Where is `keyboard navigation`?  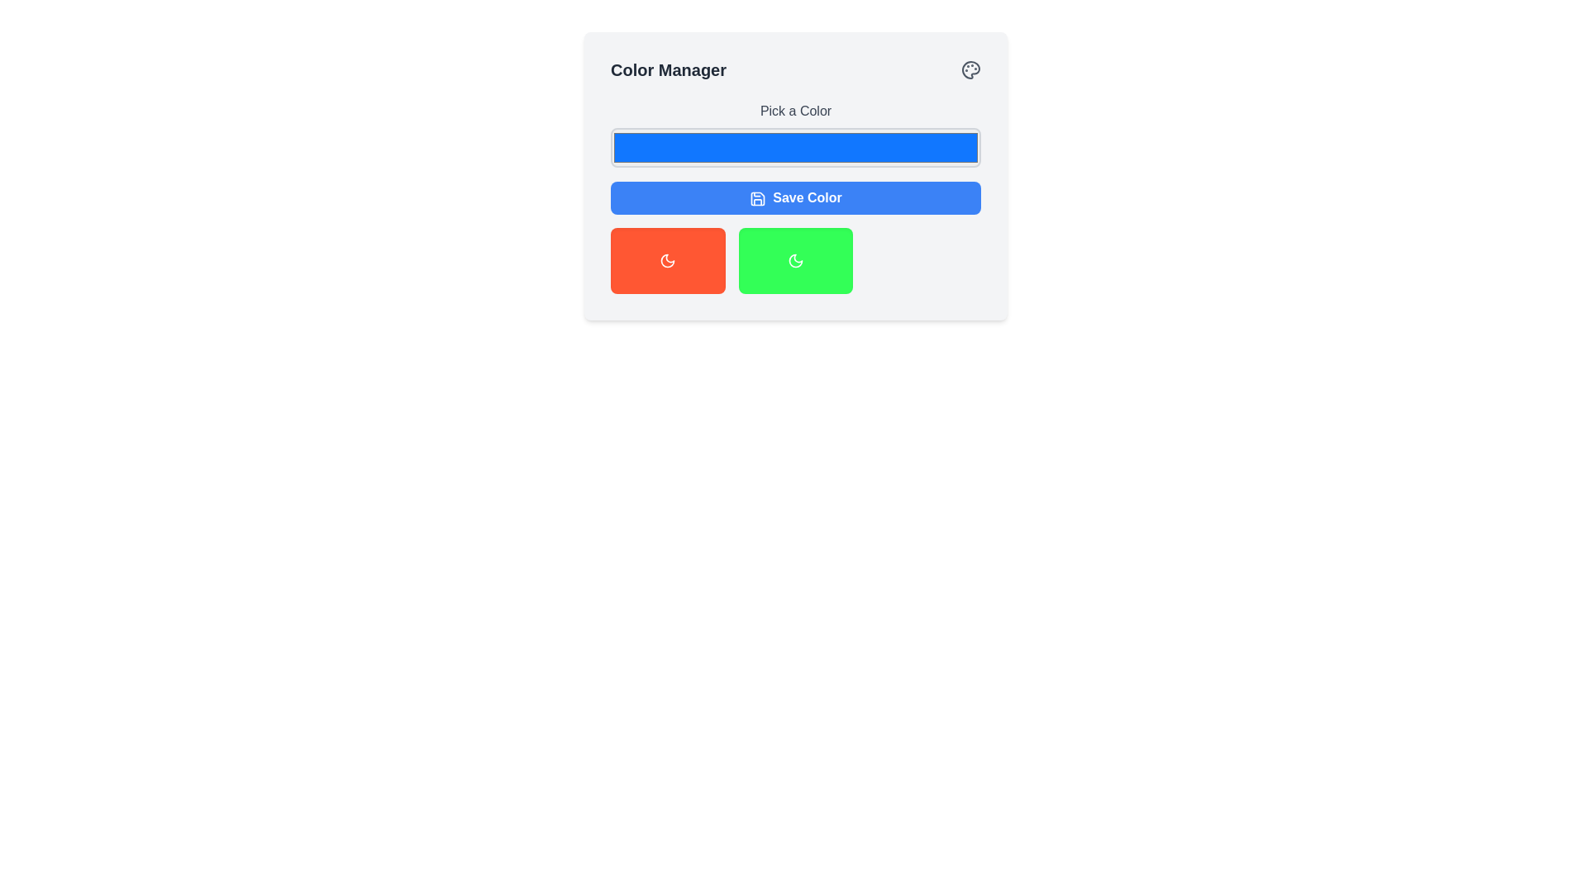
keyboard navigation is located at coordinates (796, 197).